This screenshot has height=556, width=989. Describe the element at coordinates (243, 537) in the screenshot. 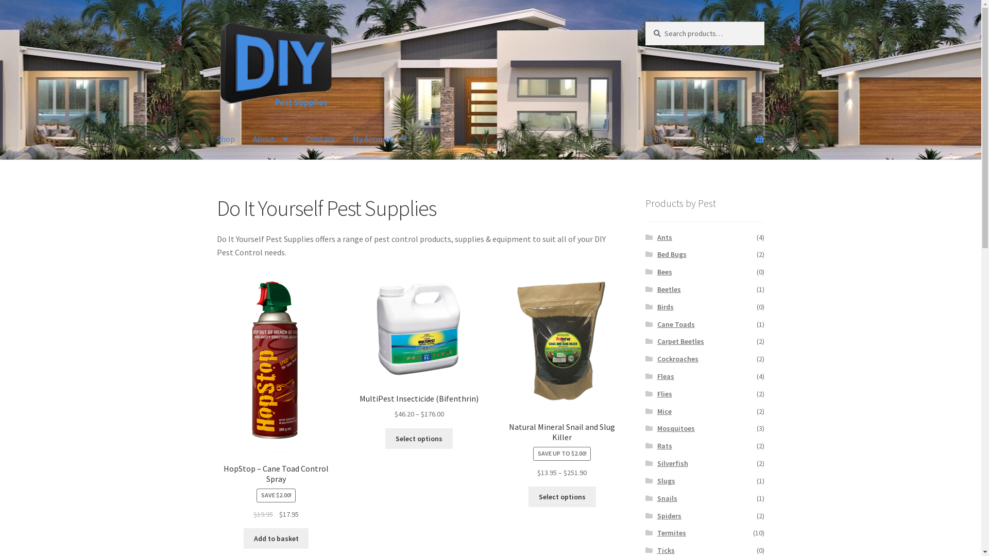

I see `'Add to basket'` at that location.